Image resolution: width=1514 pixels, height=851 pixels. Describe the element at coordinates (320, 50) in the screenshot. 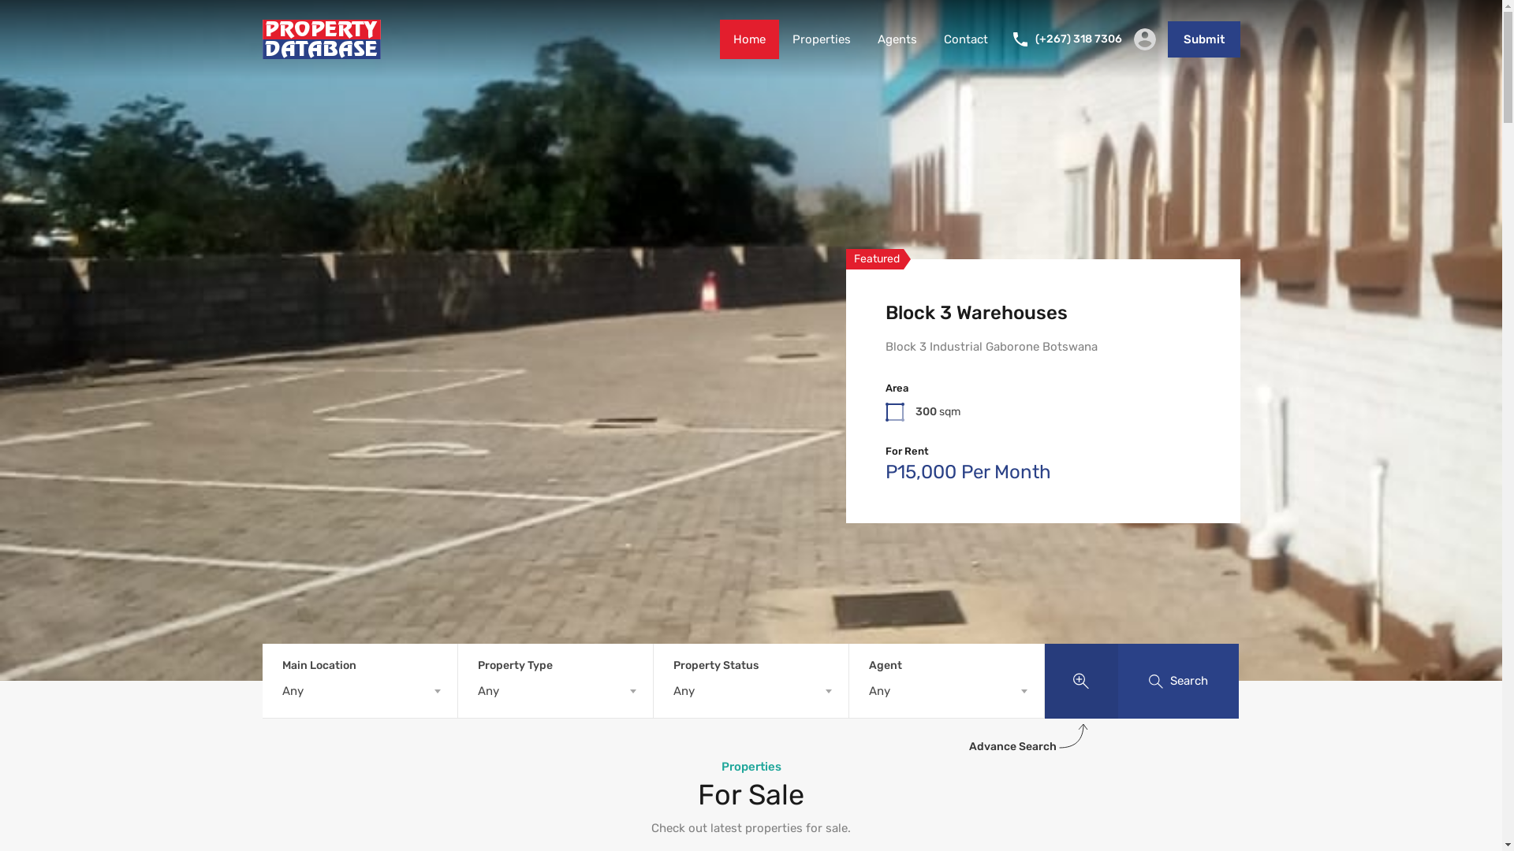

I see `'Property Database'` at that location.